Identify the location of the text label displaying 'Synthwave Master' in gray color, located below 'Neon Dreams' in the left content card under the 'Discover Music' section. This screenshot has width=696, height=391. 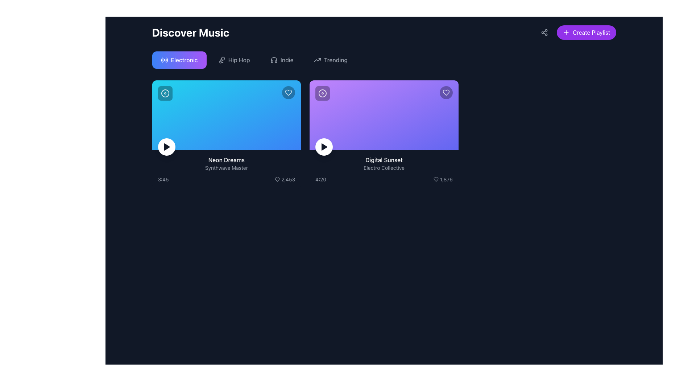
(226, 168).